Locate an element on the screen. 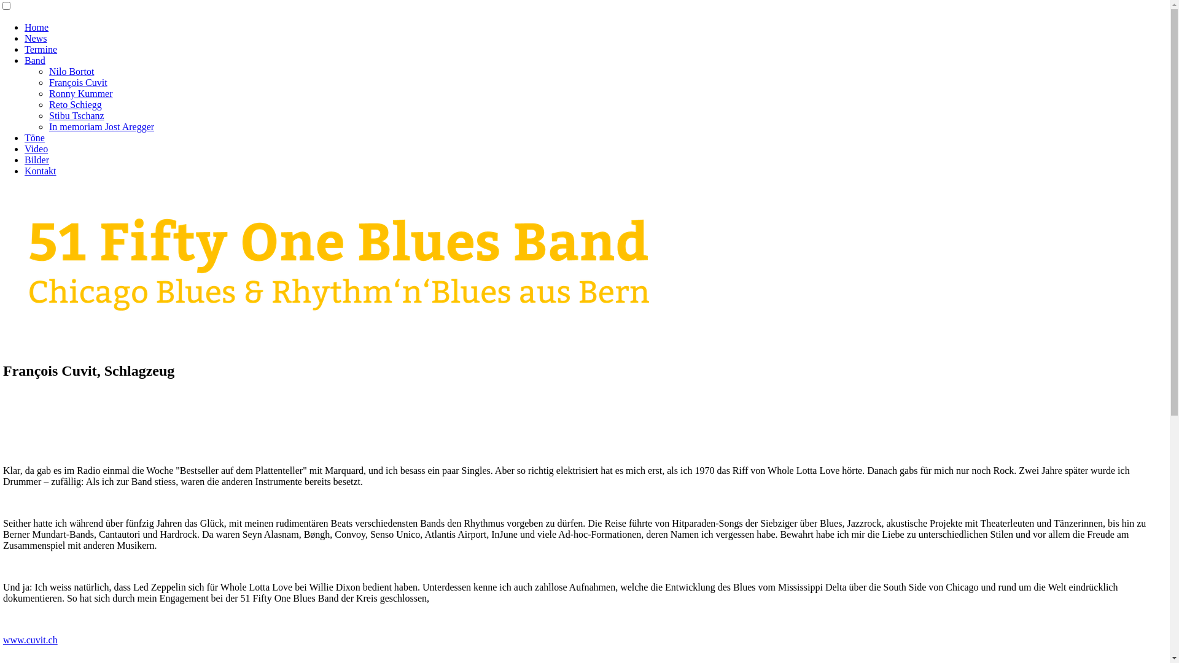 This screenshot has height=663, width=1179. 'Bilder' is located at coordinates (24, 159).